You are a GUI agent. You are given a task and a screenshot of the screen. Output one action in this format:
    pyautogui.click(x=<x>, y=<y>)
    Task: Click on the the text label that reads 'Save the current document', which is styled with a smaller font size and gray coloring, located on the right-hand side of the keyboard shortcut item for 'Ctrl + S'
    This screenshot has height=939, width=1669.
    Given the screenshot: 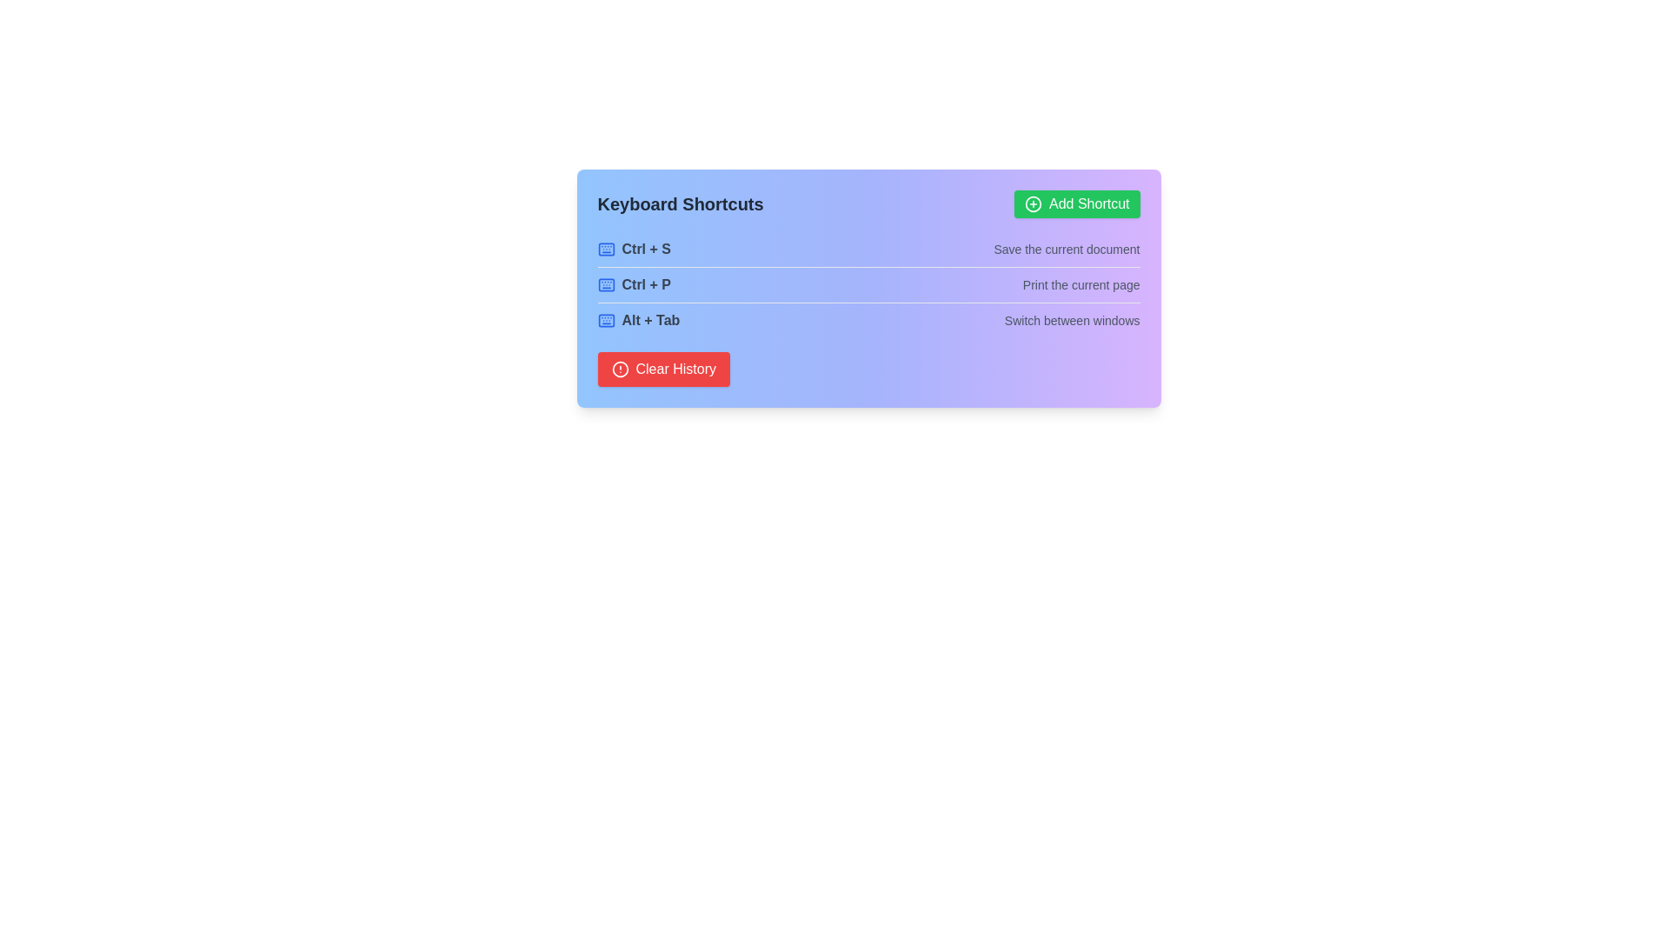 What is the action you would take?
    pyautogui.click(x=1066, y=249)
    